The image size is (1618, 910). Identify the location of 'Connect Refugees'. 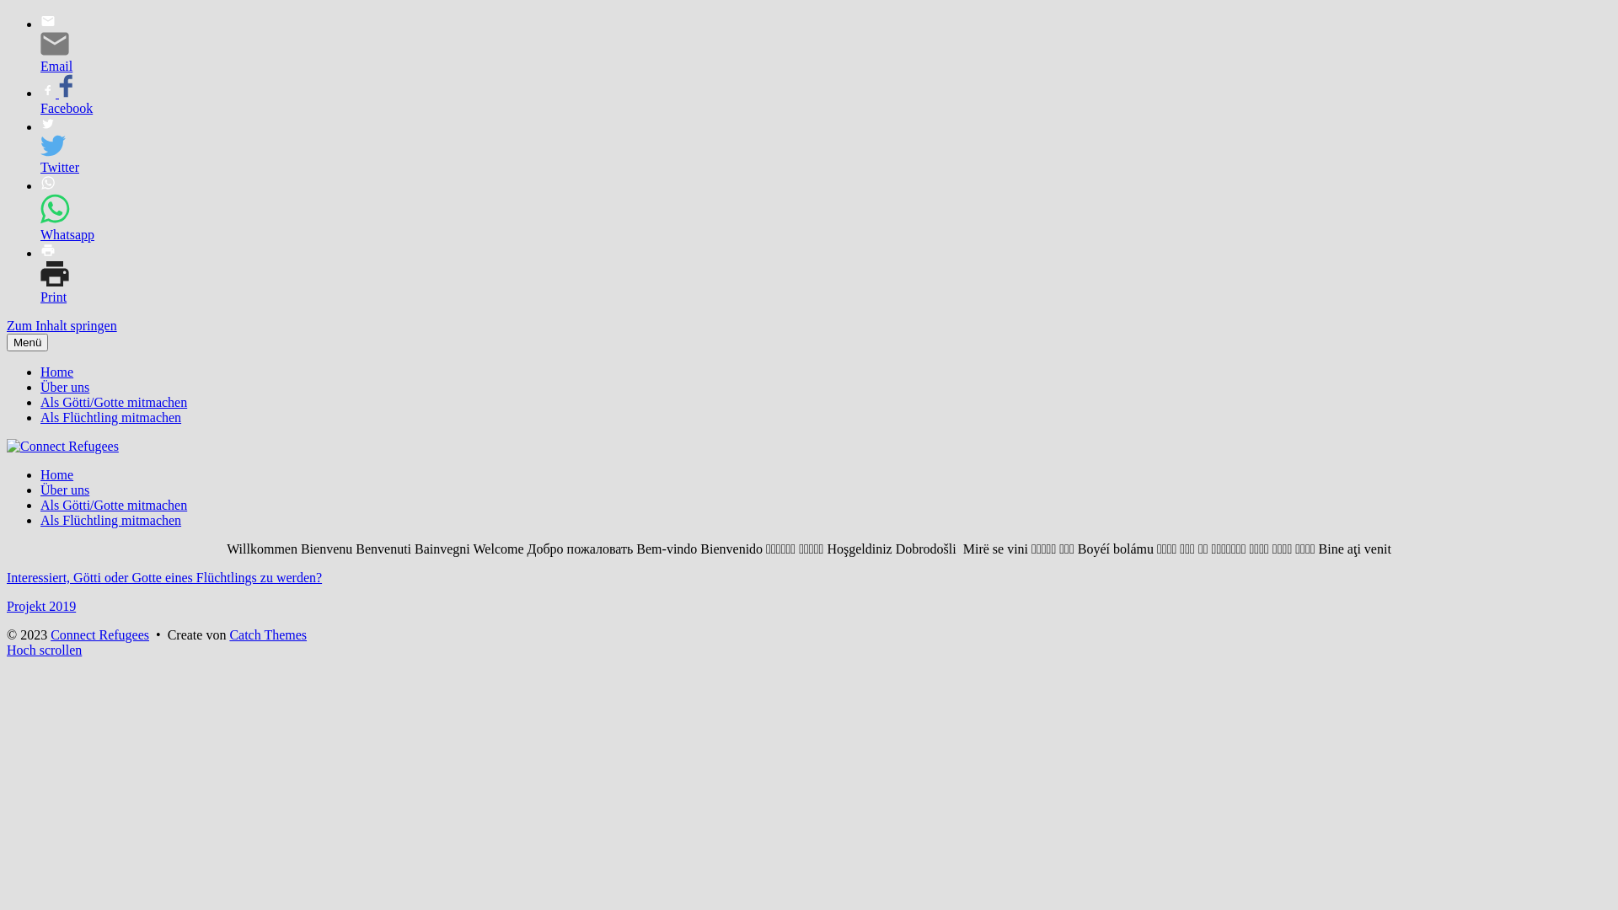
(99, 634).